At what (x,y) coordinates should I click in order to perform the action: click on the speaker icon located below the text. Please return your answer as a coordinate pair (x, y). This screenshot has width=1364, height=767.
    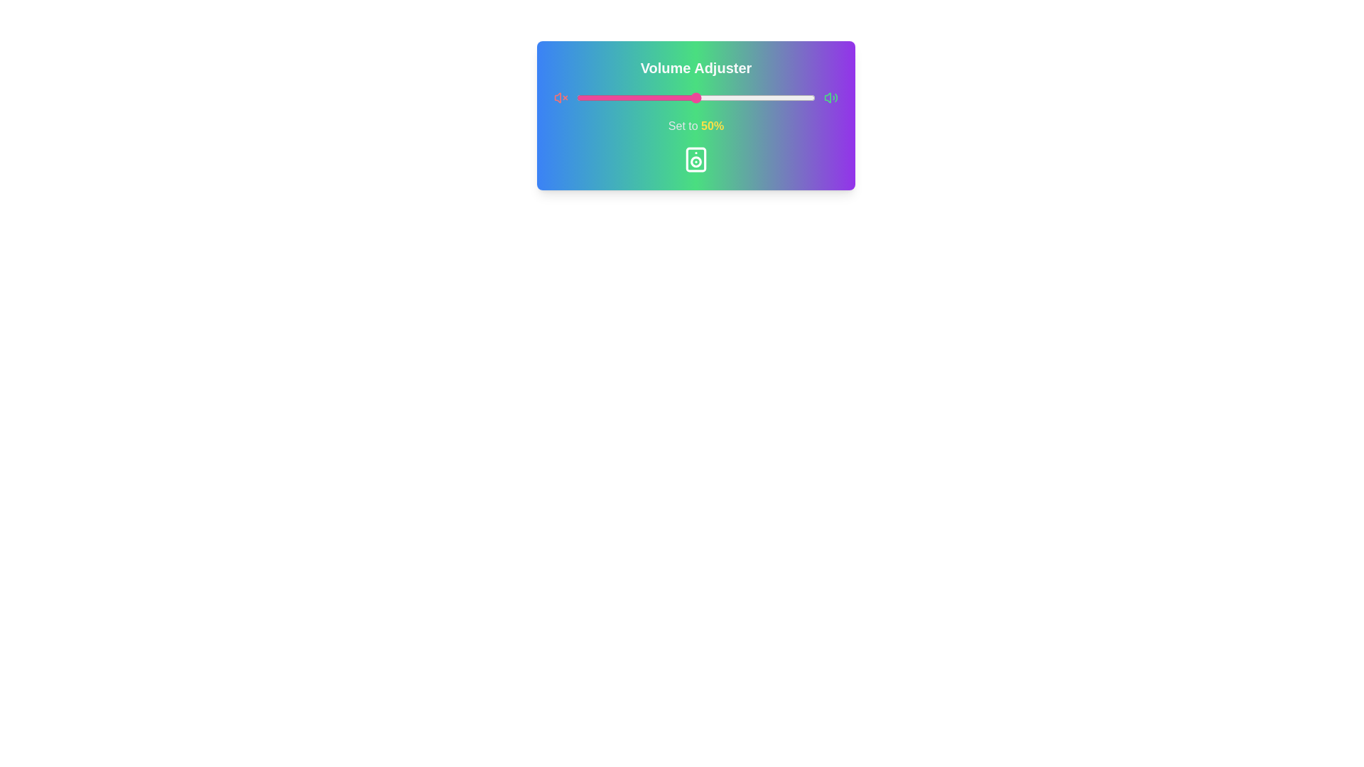
    Looking at the image, I should click on (695, 159).